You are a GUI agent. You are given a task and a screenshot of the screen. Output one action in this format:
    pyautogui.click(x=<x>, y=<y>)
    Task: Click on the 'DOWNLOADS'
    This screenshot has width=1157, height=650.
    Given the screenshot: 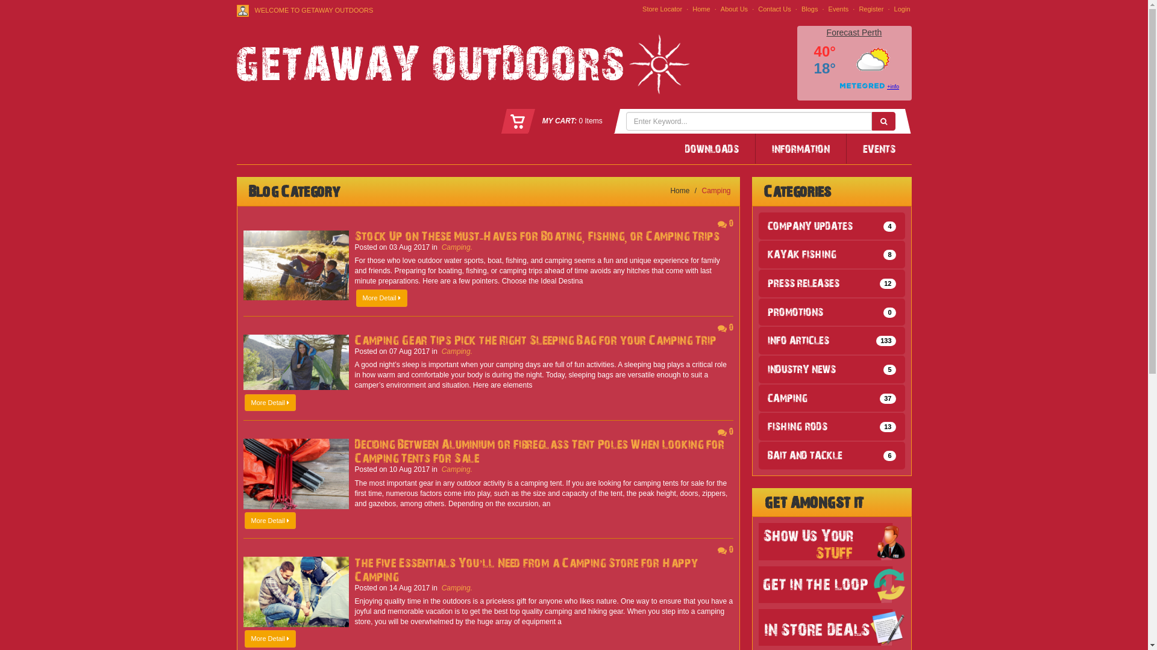 What is the action you would take?
    pyautogui.click(x=712, y=147)
    